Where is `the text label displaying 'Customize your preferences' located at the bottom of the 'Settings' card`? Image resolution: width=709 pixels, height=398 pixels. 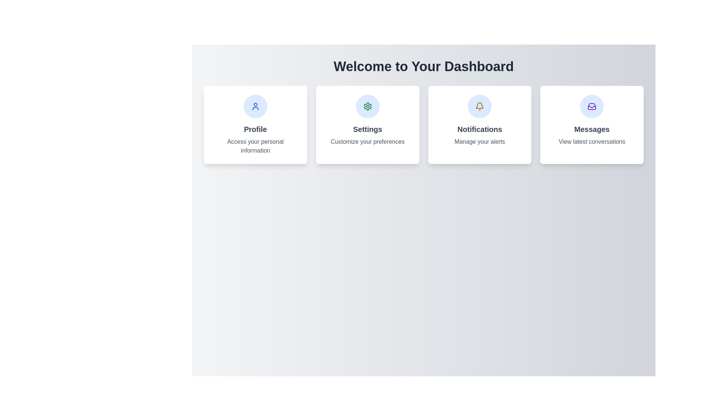
the text label displaying 'Customize your preferences' located at the bottom of the 'Settings' card is located at coordinates (367, 142).